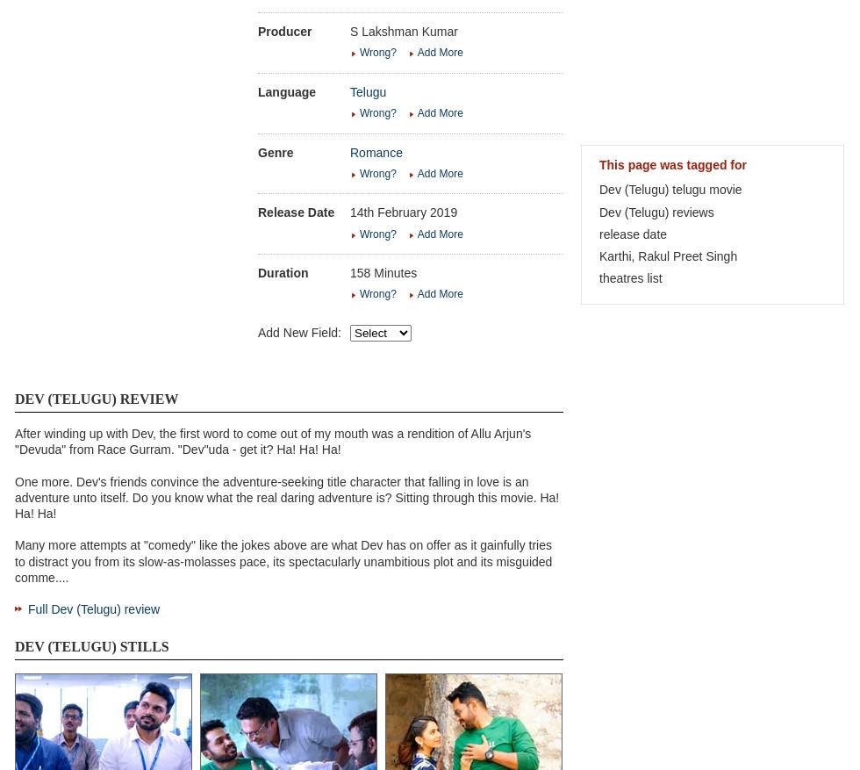 This screenshot has height=770, width=860. Describe the element at coordinates (283, 271) in the screenshot. I see `'Duration'` at that location.